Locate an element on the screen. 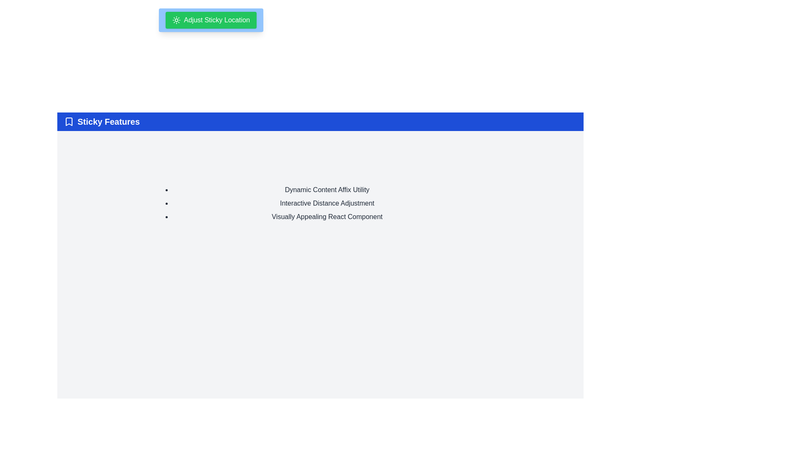 The width and height of the screenshot is (809, 455). the text label displaying 'Interactive Distance Adjustment', which is the second item in a vertically-oriented bulleted list is located at coordinates (327, 203).